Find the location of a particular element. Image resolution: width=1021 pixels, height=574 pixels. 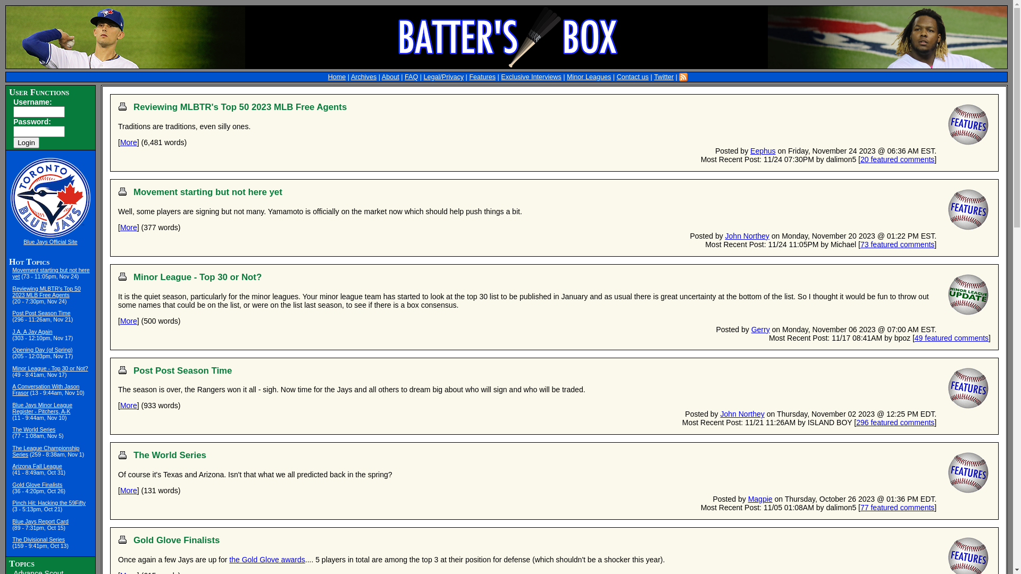

'Twitter' is located at coordinates (663, 77).